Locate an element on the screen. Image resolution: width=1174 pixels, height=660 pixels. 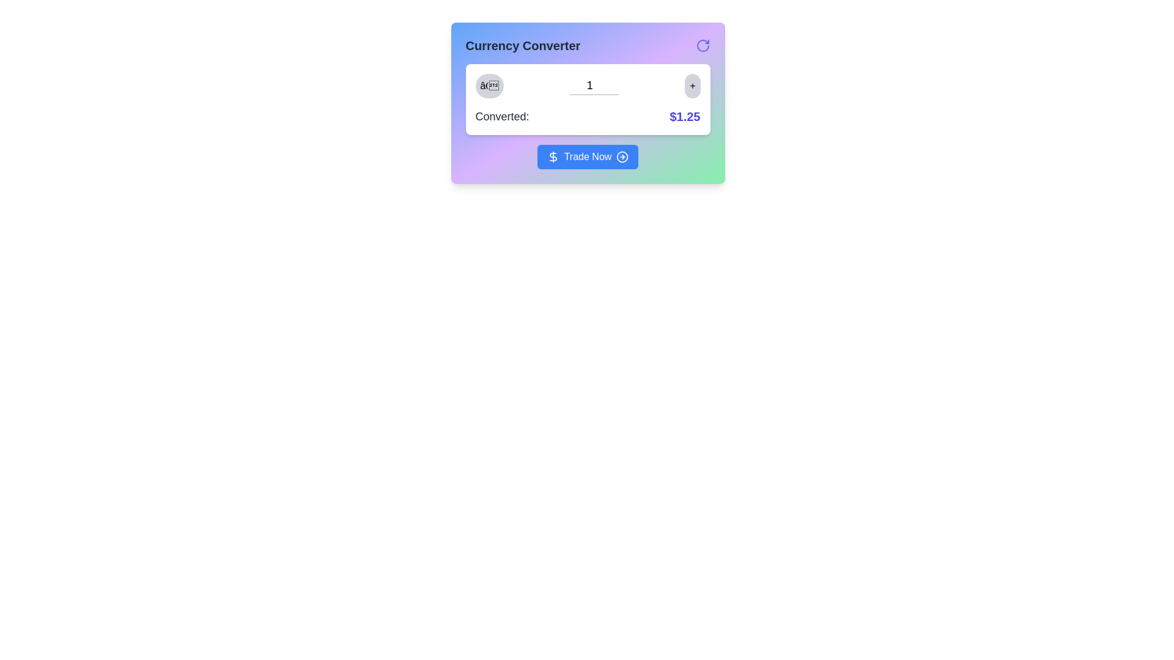
the label indicating the conversion result, which is positioned to the left of the '$1.25' text label is located at coordinates (502, 117).